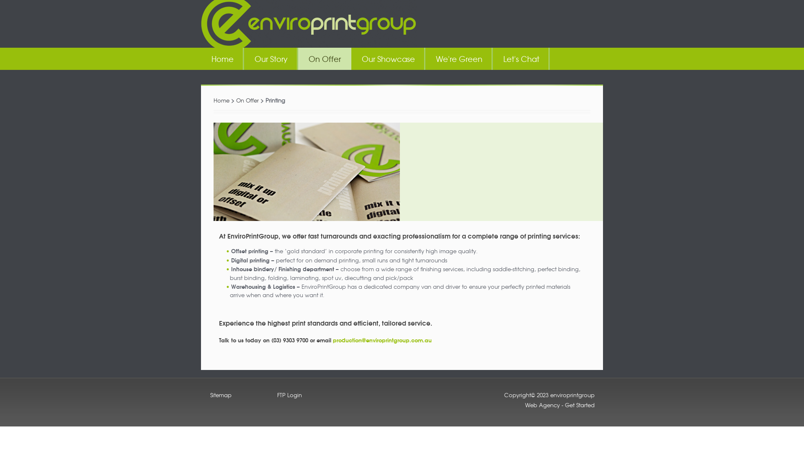  I want to click on 'Let's Chat', so click(521, 58).